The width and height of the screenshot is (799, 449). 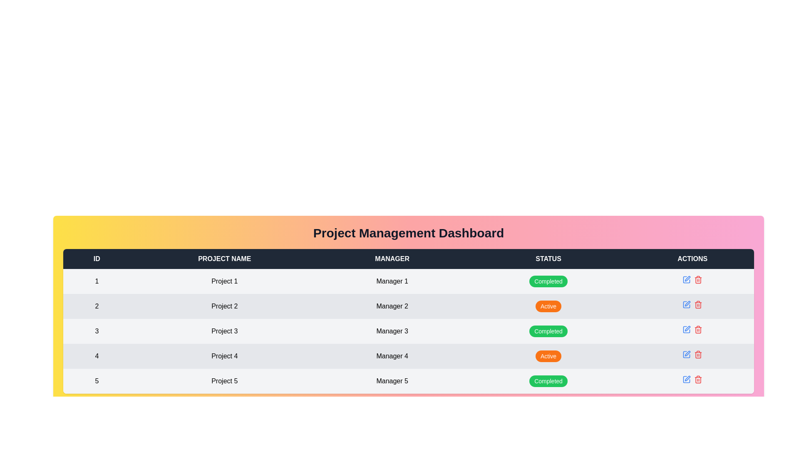 I want to click on the interactive button/icon in the 'Actions' column of the first row corresponding to 'Project 1', so click(x=692, y=279).